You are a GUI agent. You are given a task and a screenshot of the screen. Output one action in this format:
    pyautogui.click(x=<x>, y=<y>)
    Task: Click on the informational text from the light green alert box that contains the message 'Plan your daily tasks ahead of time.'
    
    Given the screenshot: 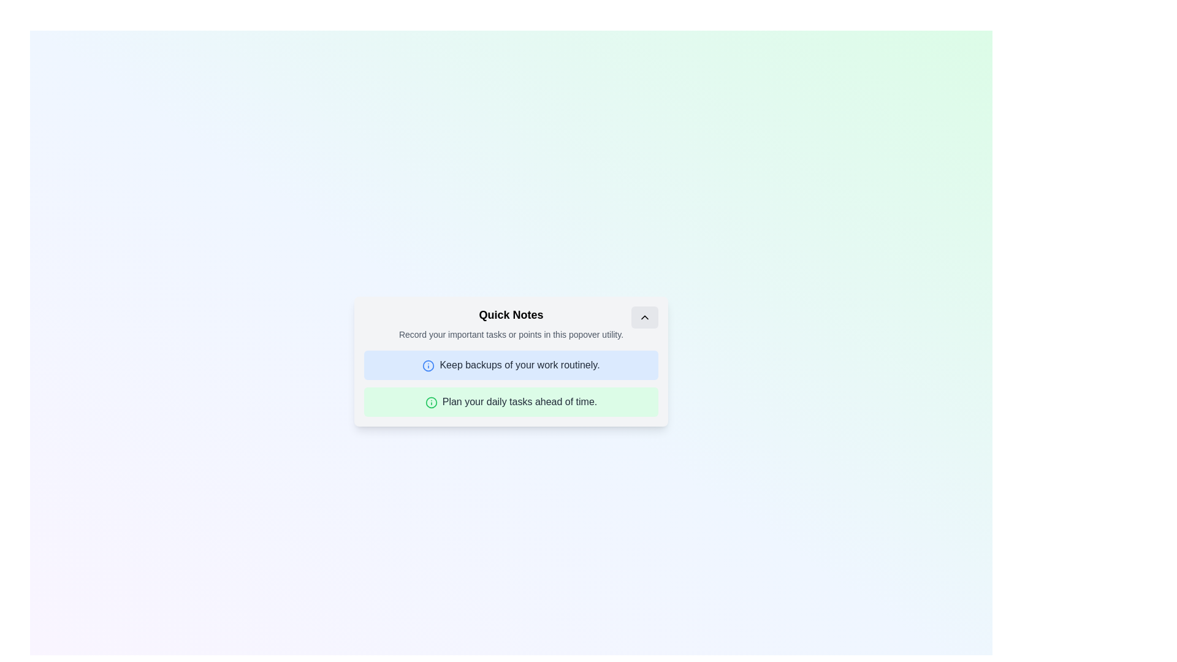 What is the action you would take?
    pyautogui.click(x=511, y=401)
    